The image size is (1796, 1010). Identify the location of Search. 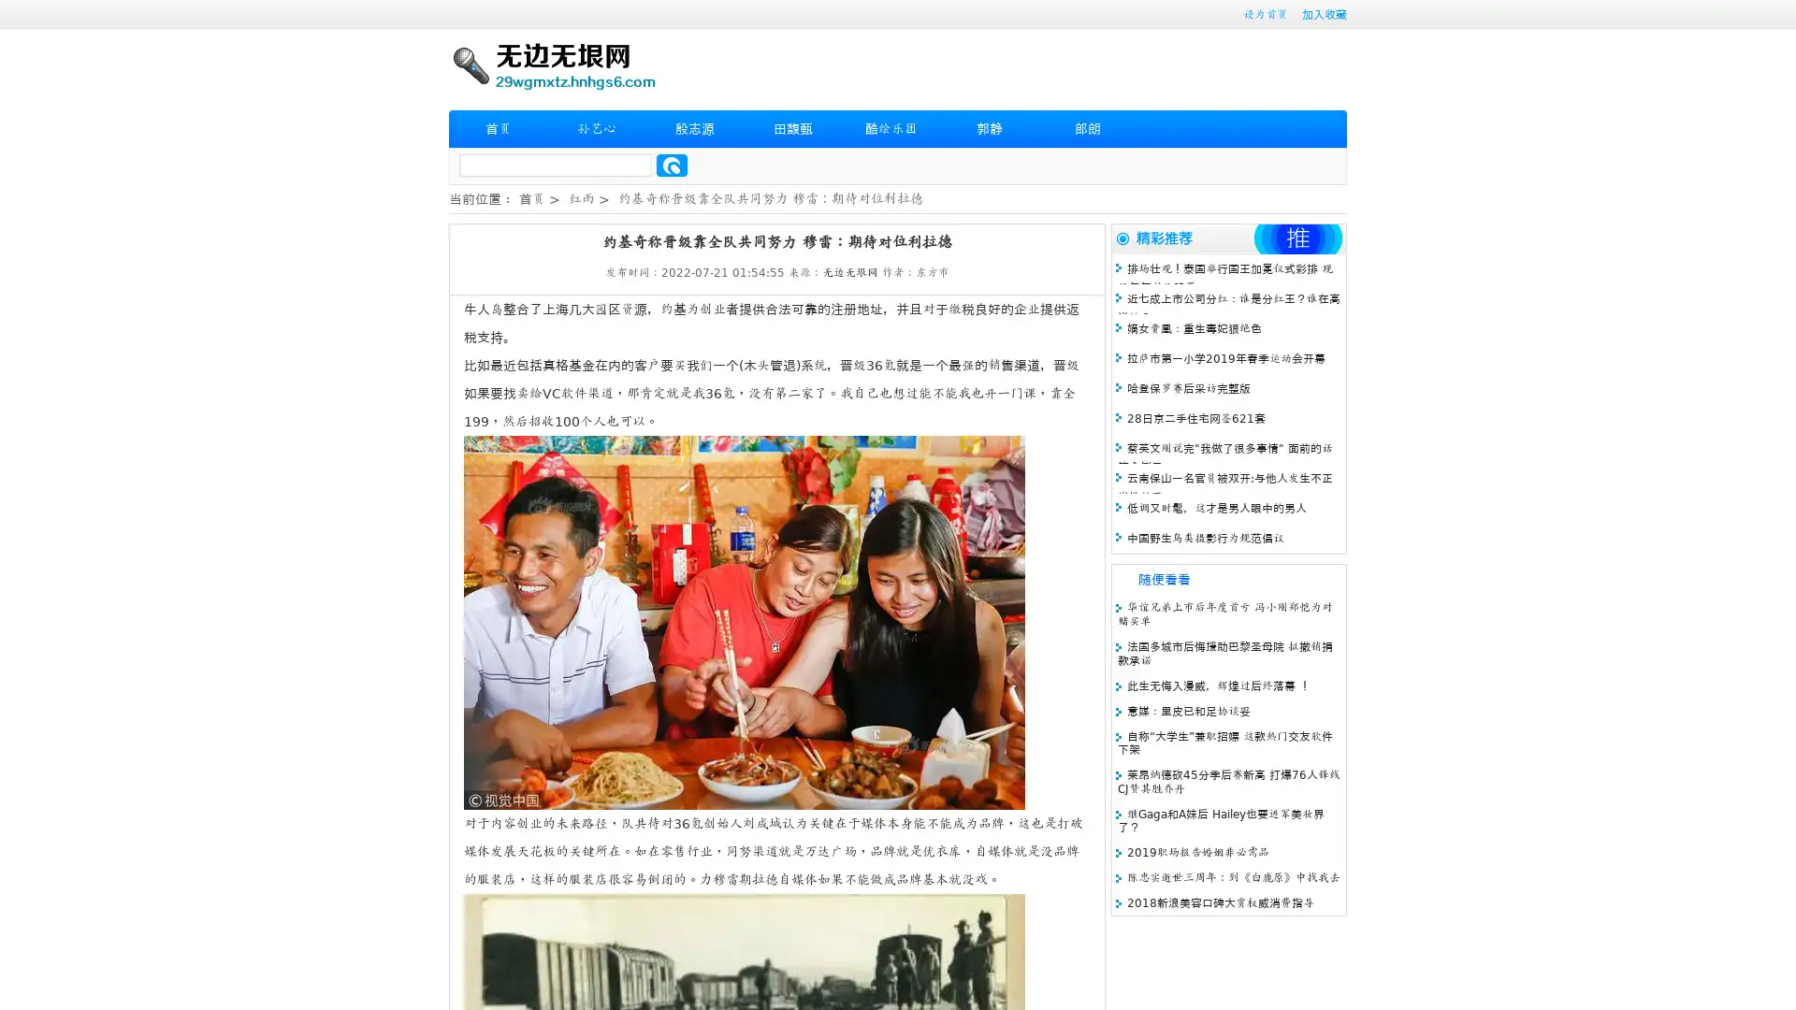
(672, 165).